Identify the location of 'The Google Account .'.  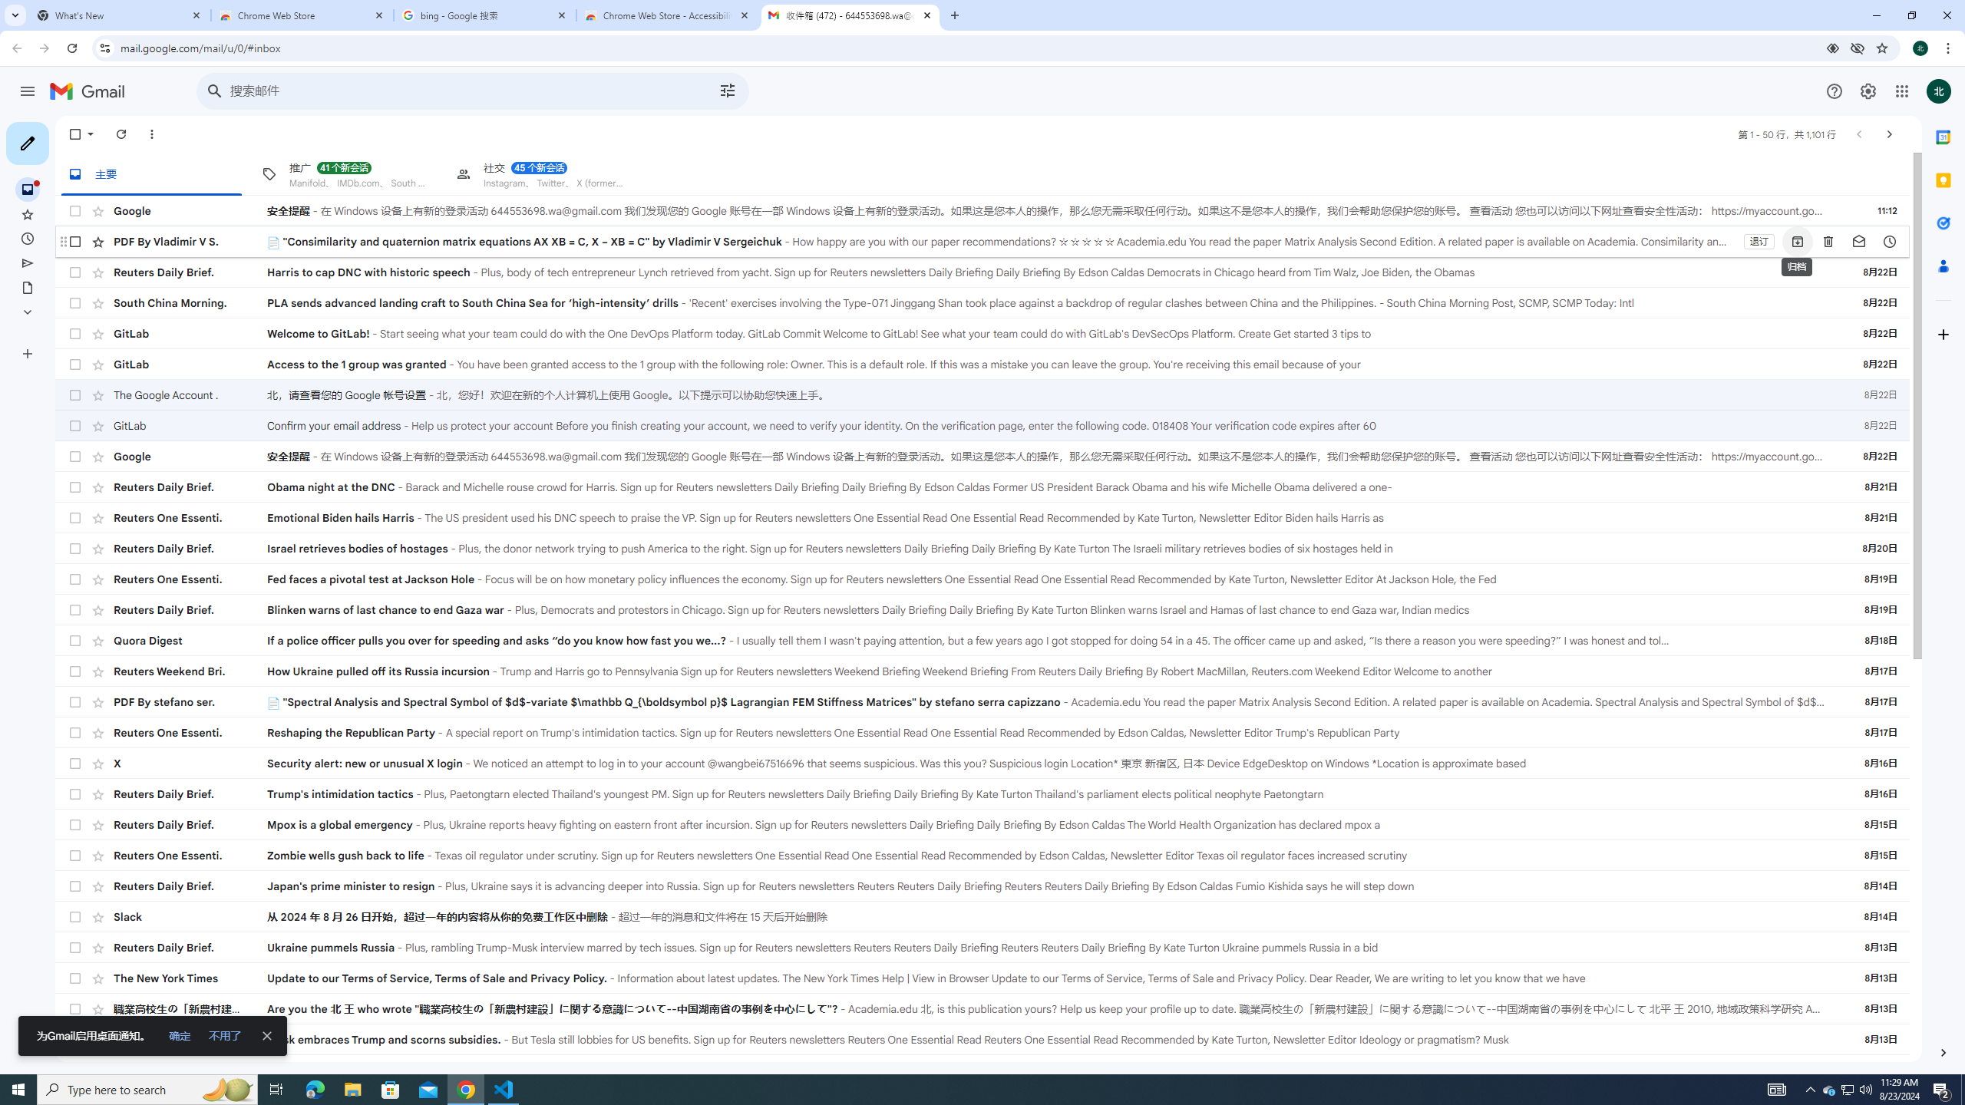
(190, 394).